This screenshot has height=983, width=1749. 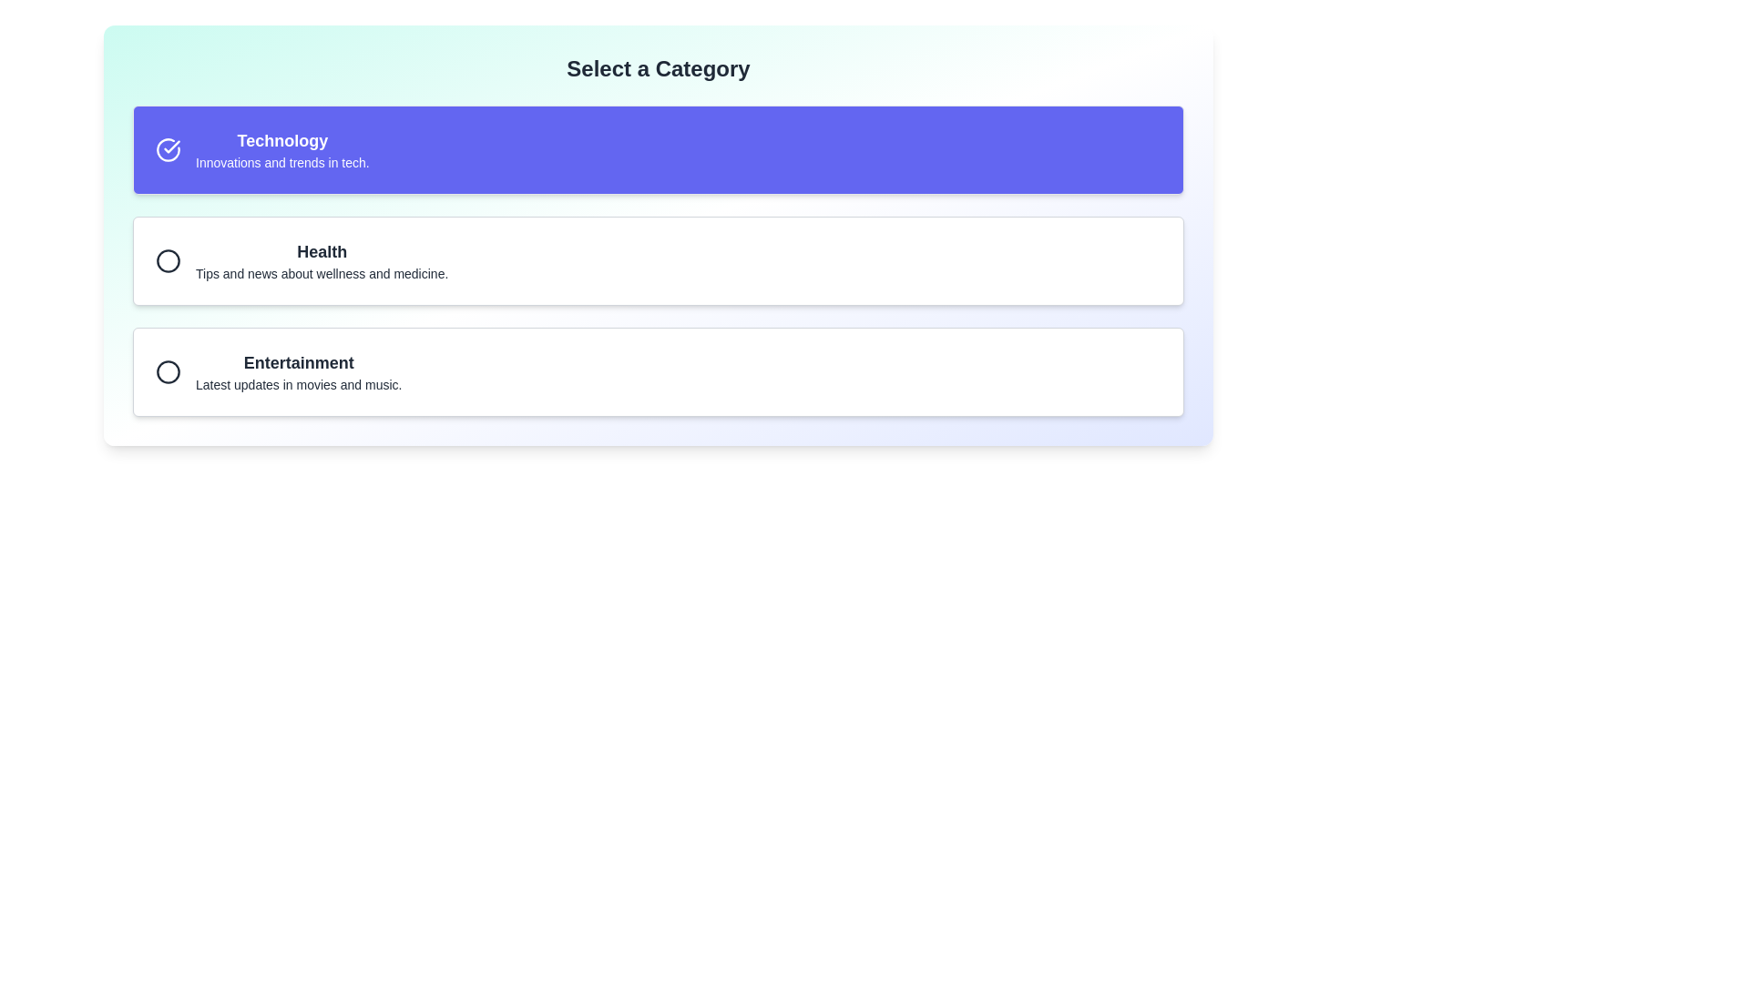 What do you see at coordinates (169, 260) in the screenshot?
I see `the circular indicator icon within the 'Health' row` at bounding box center [169, 260].